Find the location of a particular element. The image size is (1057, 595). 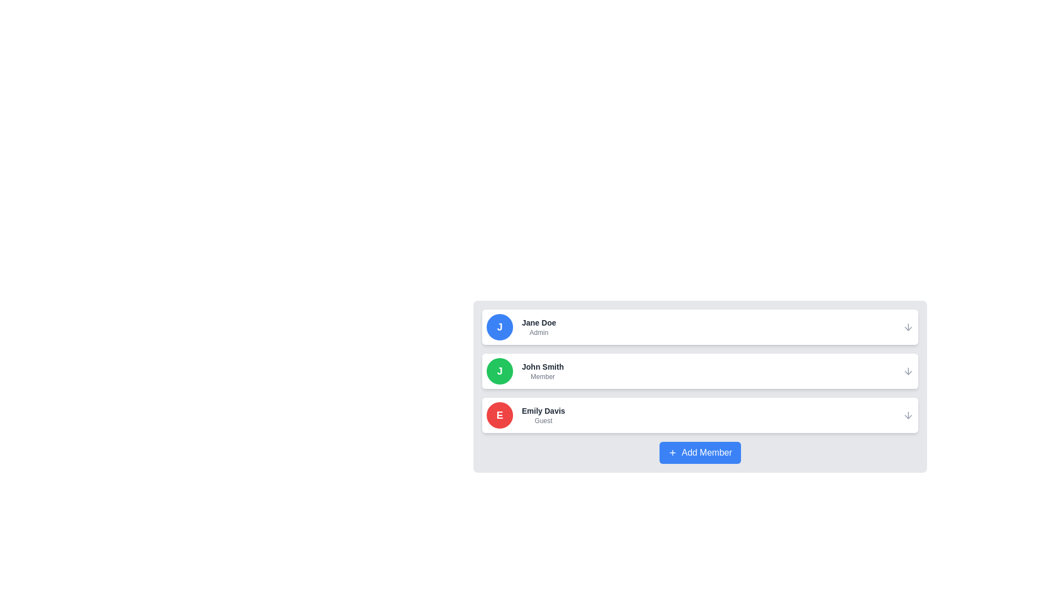

the user information card displaying the user's name and role, which is the first card in a vertical list of user cards is located at coordinates (700, 327).